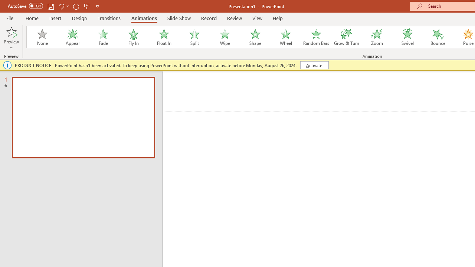 The image size is (475, 267). I want to click on 'Appear', so click(72, 37).